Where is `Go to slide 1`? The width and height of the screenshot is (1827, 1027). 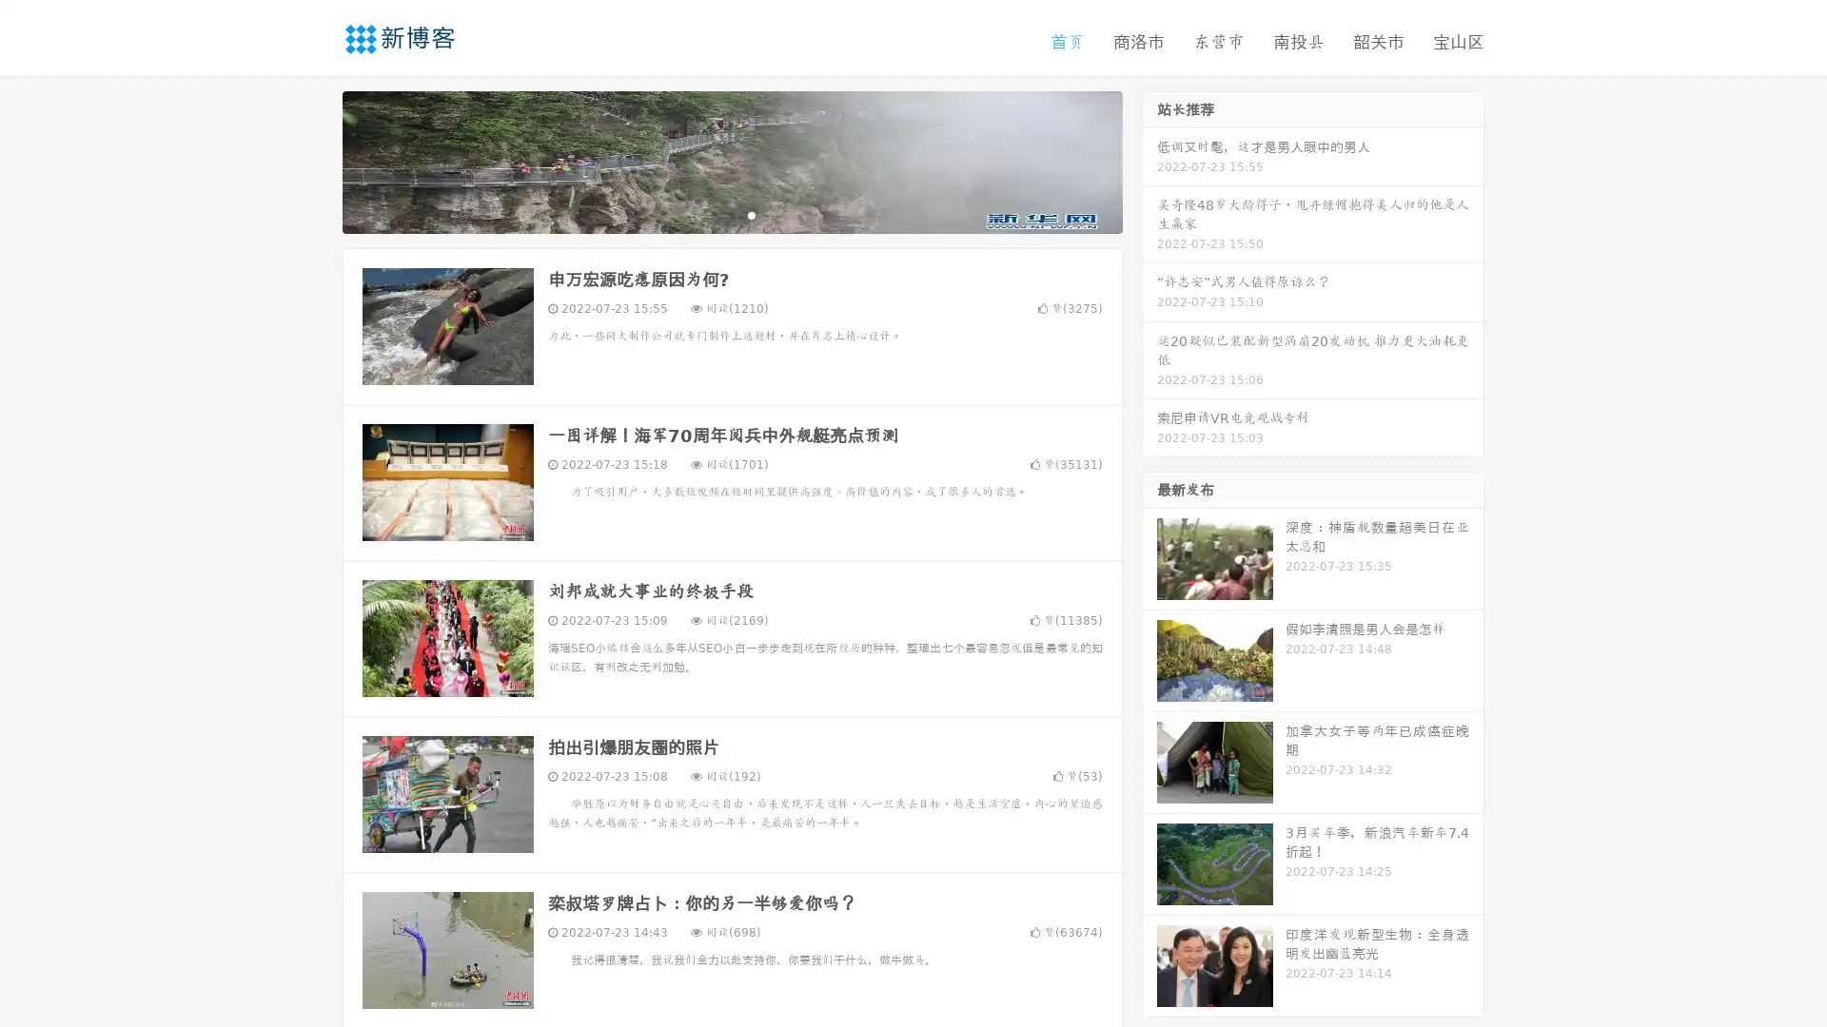 Go to slide 1 is located at coordinates (712, 214).